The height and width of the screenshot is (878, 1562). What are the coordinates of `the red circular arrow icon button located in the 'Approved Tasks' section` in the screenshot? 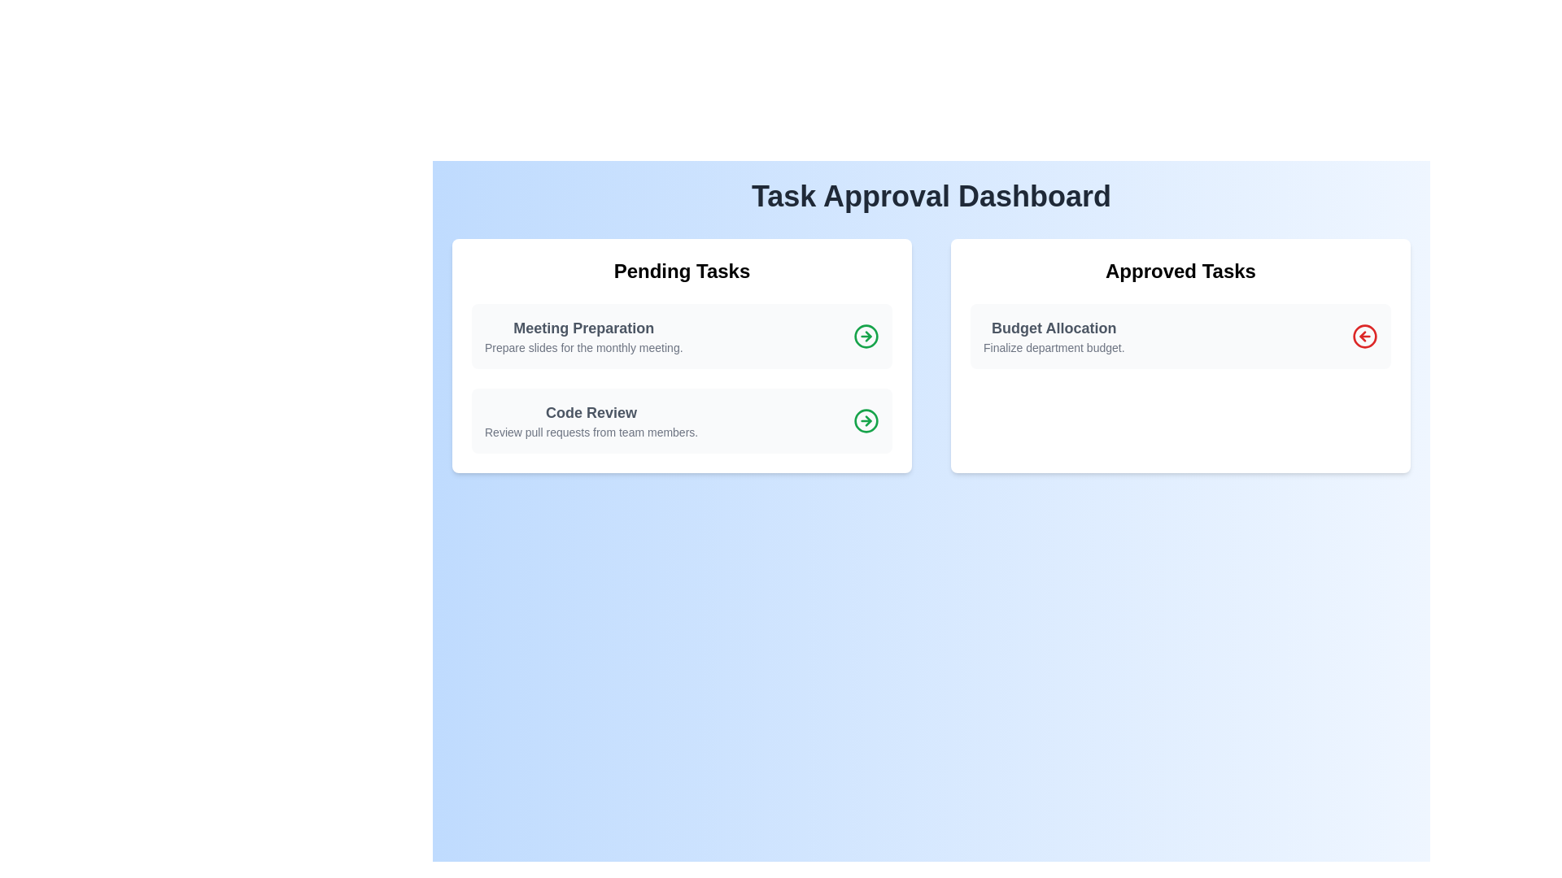 It's located at (1365, 335).